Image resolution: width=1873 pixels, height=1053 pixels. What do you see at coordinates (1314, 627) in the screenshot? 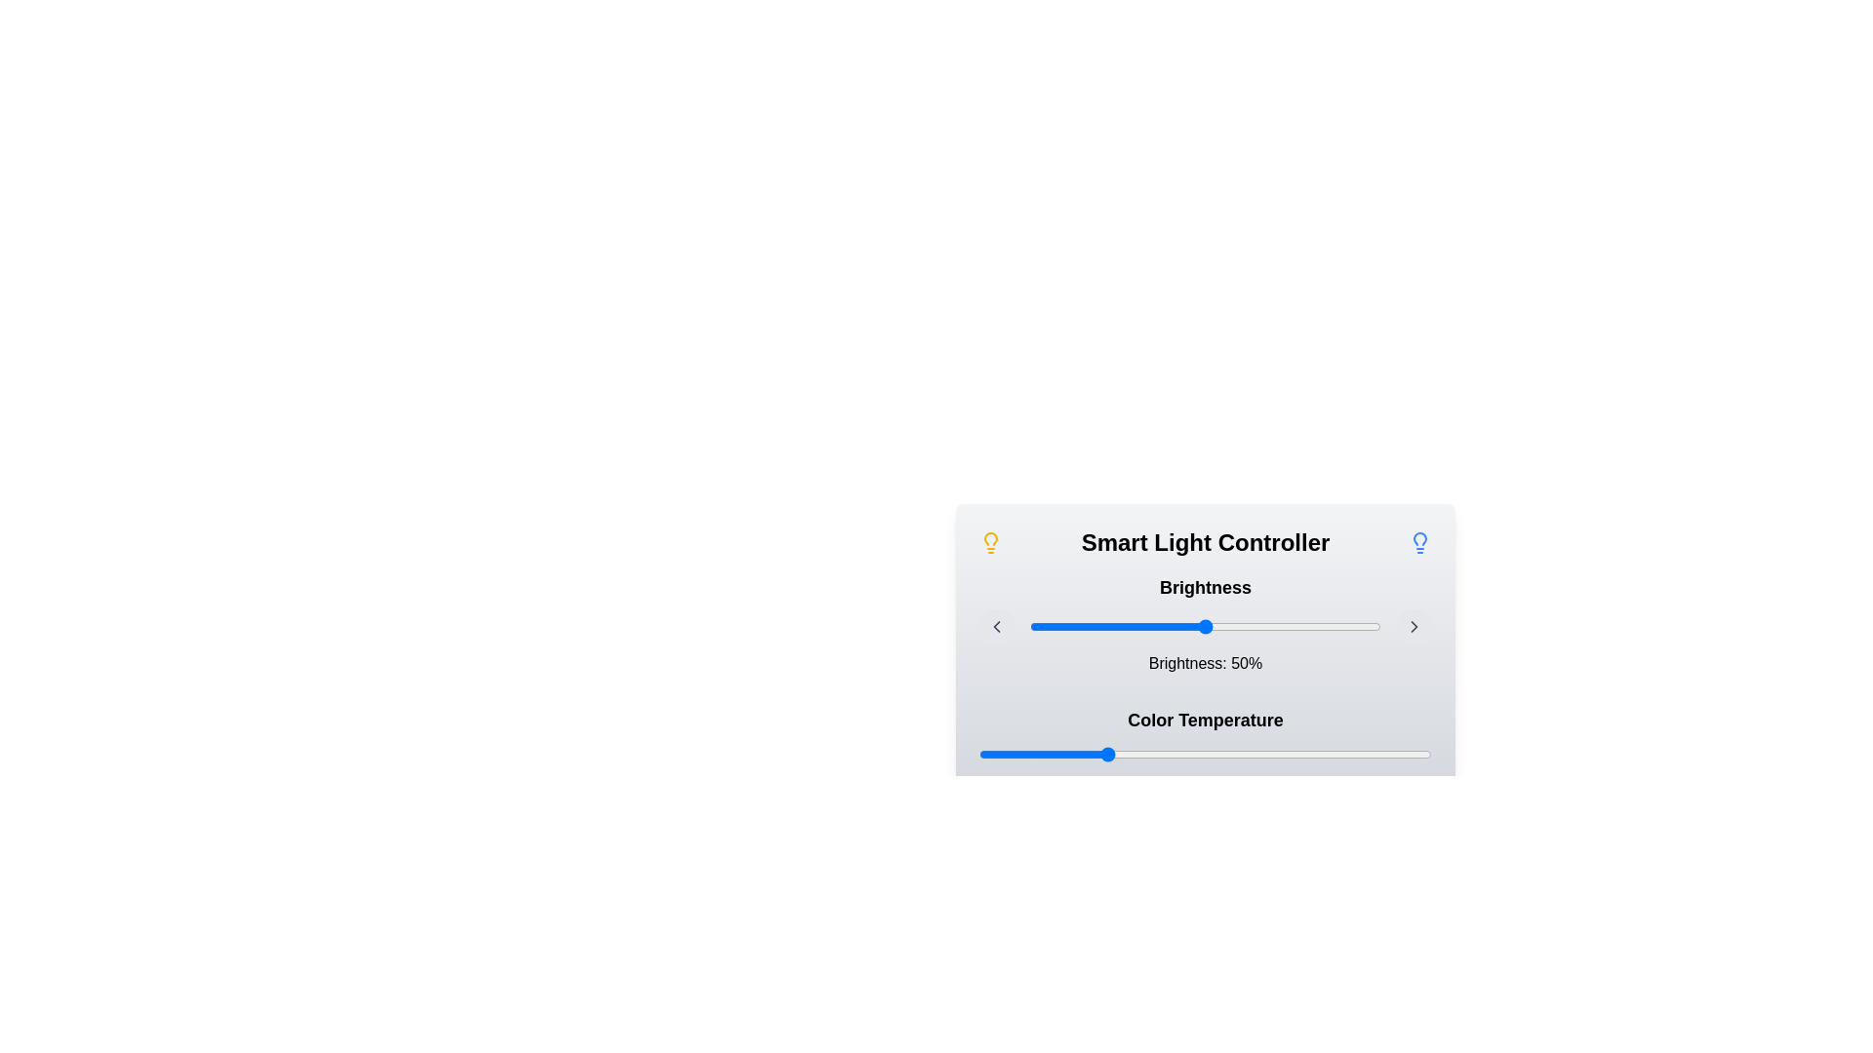
I see `the brightness` at bounding box center [1314, 627].